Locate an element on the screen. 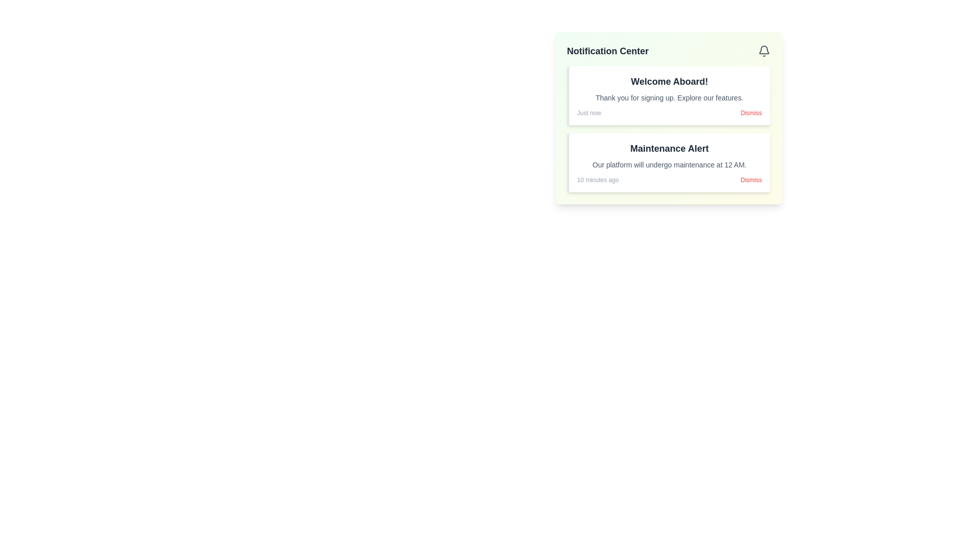 The width and height of the screenshot is (975, 548). text label displaying 'Welcome Aboard!' which is a bold, dark gray heading positioned at the top center of the notification panel is located at coordinates (669, 81).